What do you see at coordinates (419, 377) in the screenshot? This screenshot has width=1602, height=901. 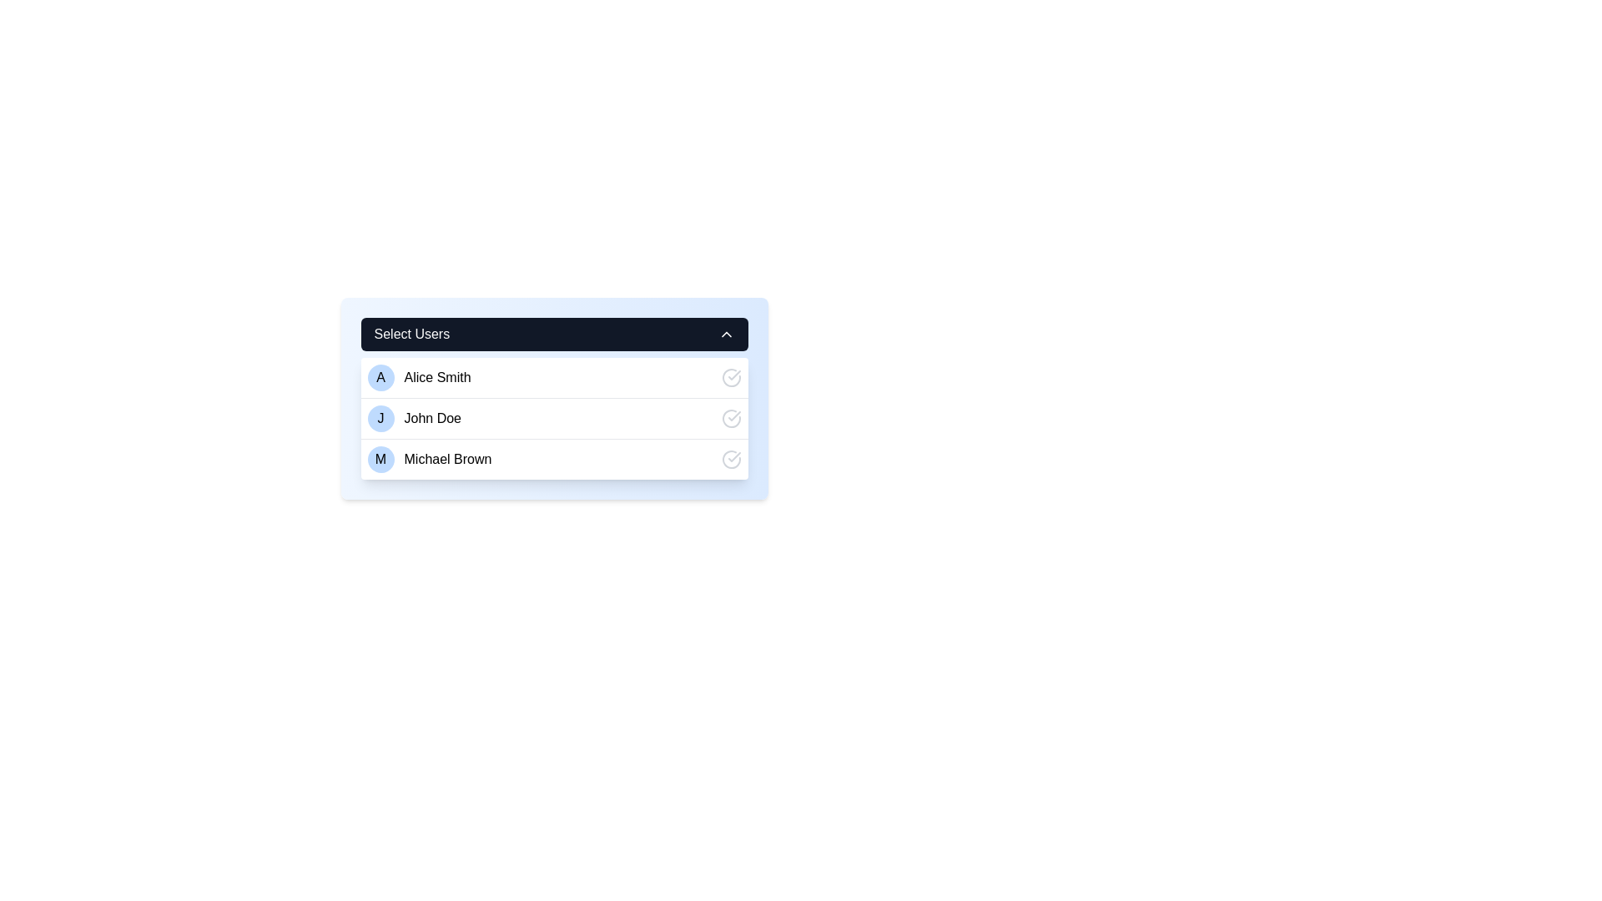 I see `the first selectable user list item labeled 'Alice Smith' under the title 'Select Users'` at bounding box center [419, 377].